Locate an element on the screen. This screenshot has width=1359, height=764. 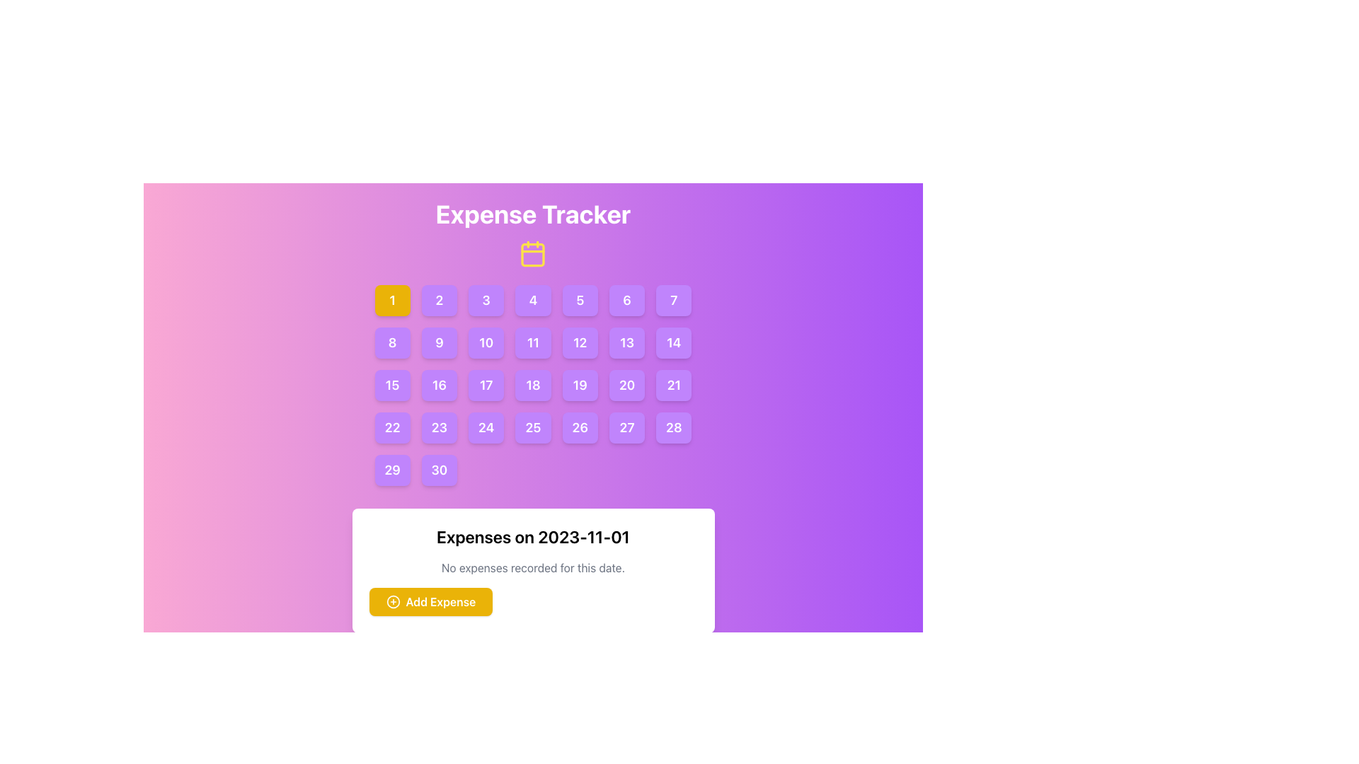
the rectangular button with rounded corners that has a purple background and the number '13' in white text to change its color to yellow is located at coordinates (626, 343).